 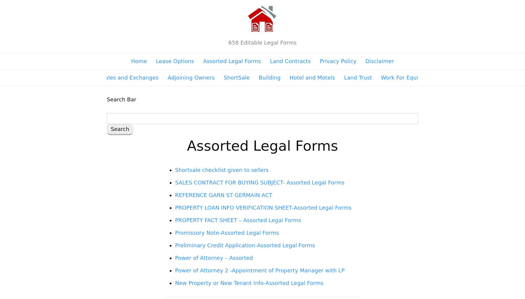 I want to click on 'SALES CONTRACT FOR BUYING SUBJECT- Assorted Legal Forms', so click(x=259, y=182).